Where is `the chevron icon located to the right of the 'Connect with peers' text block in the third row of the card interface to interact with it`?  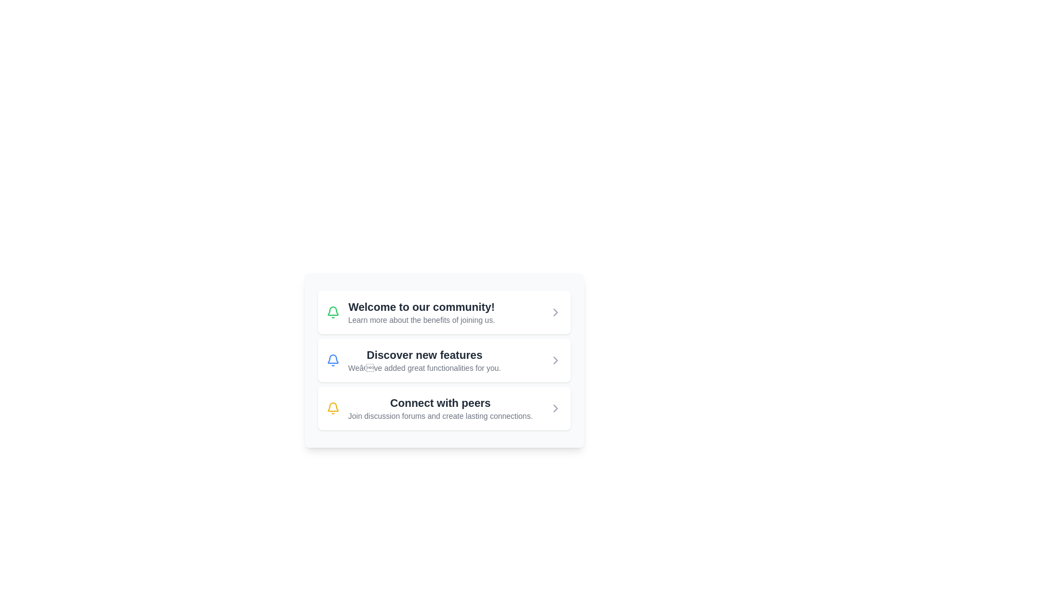 the chevron icon located to the right of the 'Connect with peers' text block in the third row of the card interface to interact with it is located at coordinates (555, 408).